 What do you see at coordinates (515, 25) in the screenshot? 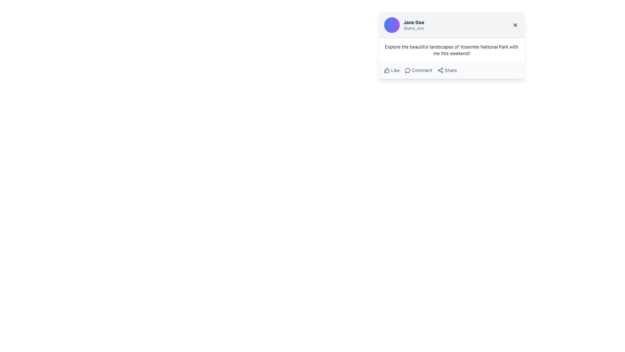
I see `the close button located in the top-right corner of the user detail card` at bounding box center [515, 25].